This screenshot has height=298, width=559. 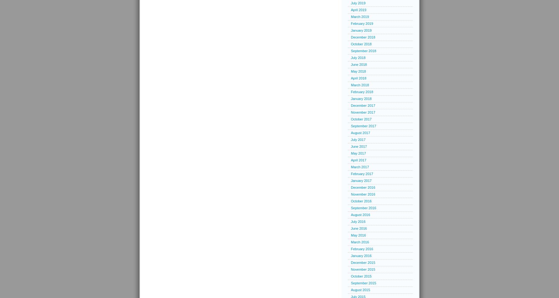 I want to click on 'August 2016', so click(x=360, y=214).